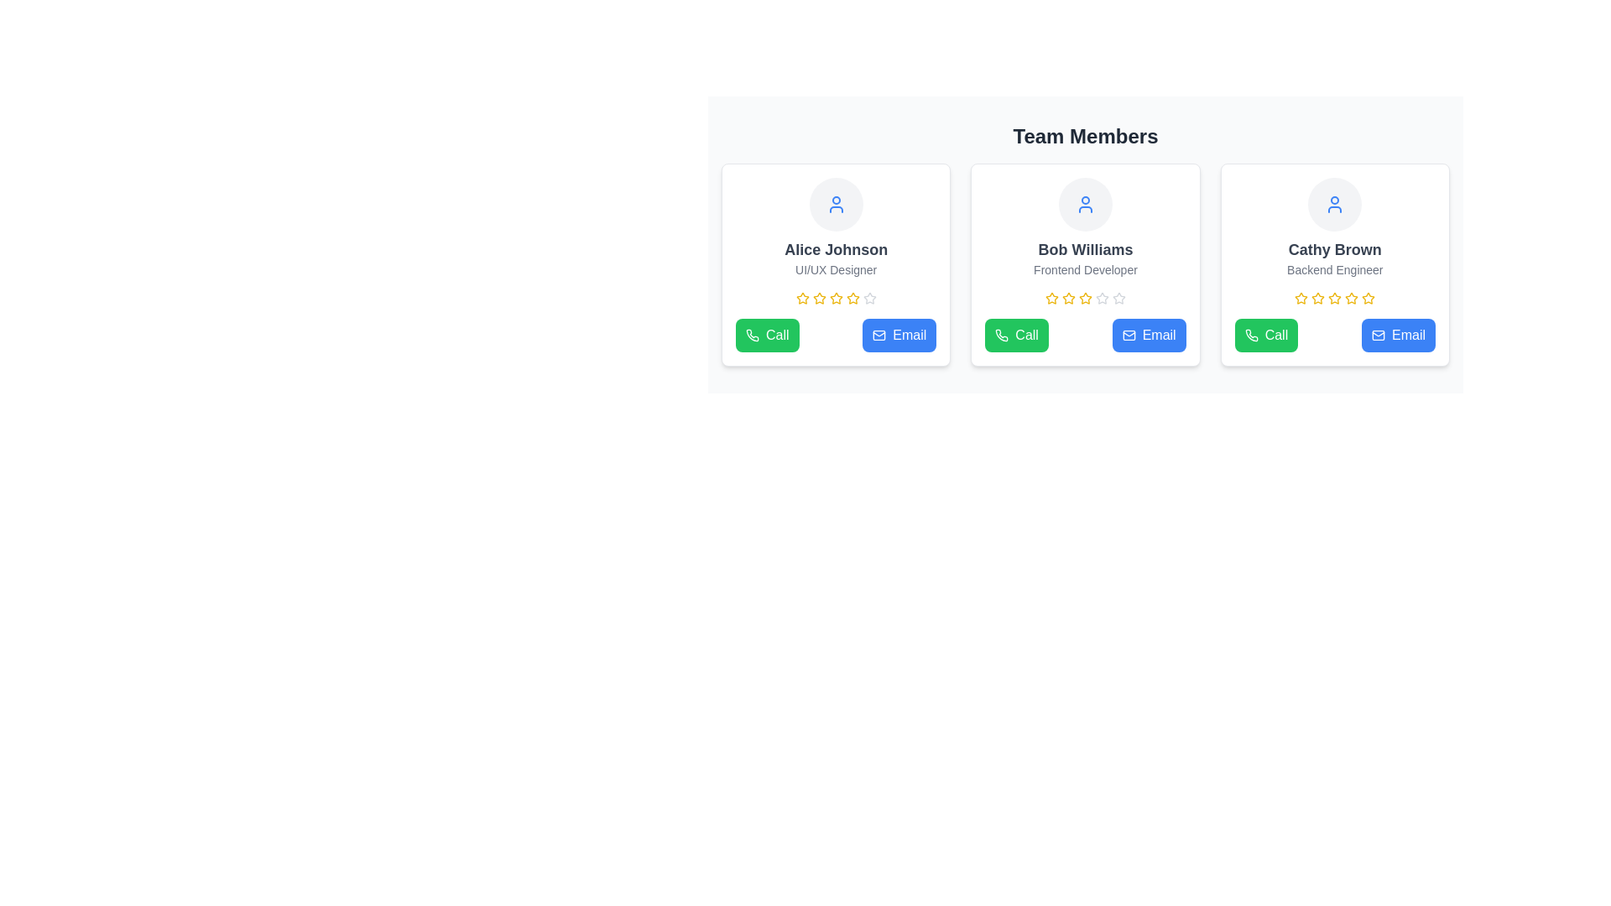 The width and height of the screenshot is (1611, 906). Describe the element at coordinates (836, 249) in the screenshot. I see `the text label that reads 'Alice Johnson', which is styled with a larger font size and dark gray color, positioned below a user avatar icon in a profile card layout` at that location.